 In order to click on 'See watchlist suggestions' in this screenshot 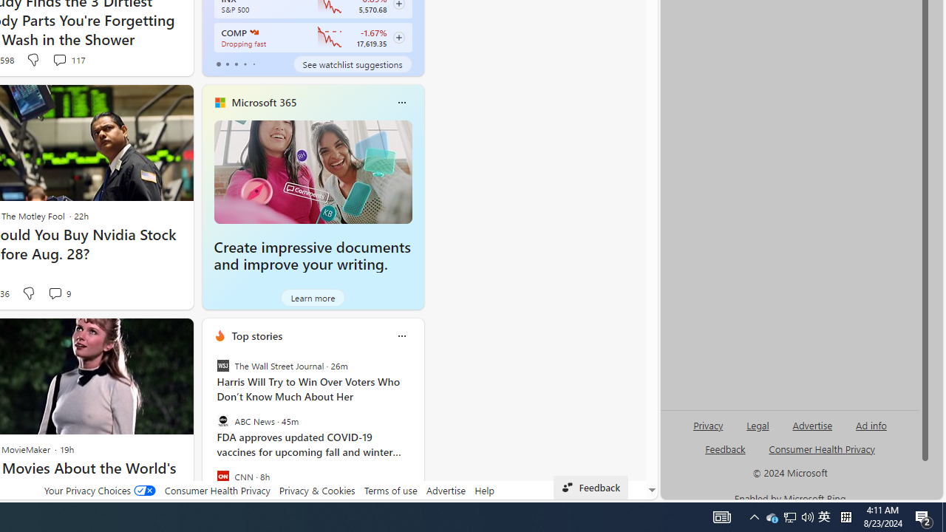, I will do `click(351, 64)`.